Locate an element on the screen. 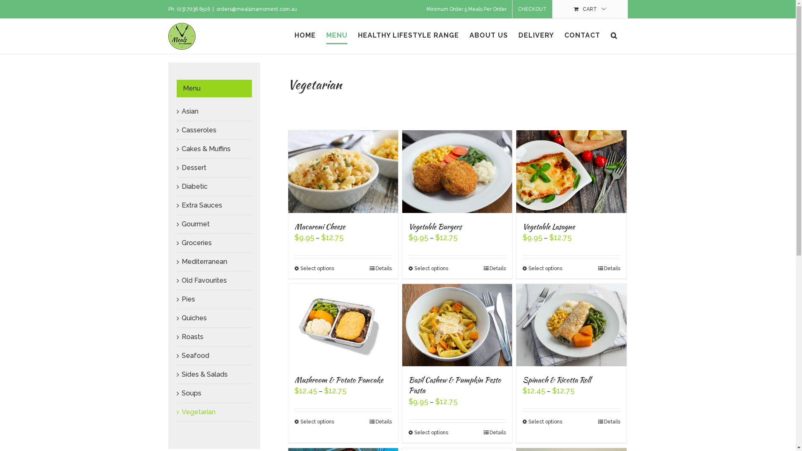 The height and width of the screenshot is (451, 802). 'Vegetable Burgers' is located at coordinates (434, 226).